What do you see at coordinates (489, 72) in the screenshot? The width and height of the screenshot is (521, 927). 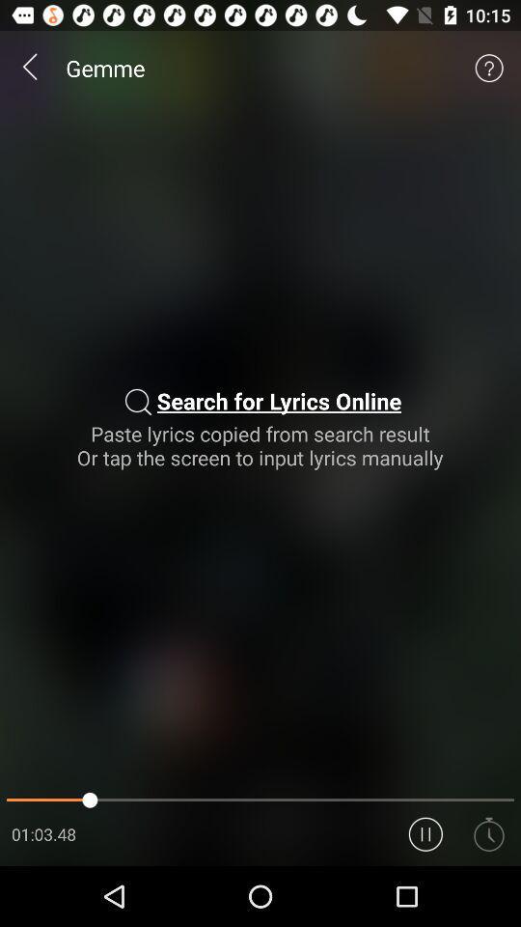 I see `the help icon` at bounding box center [489, 72].